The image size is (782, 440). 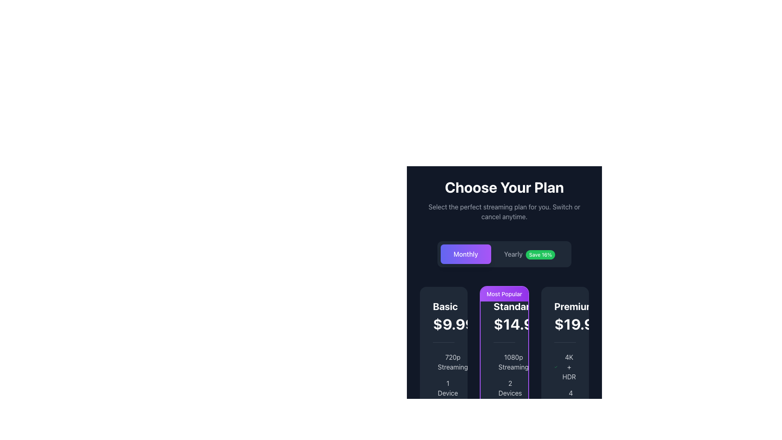 What do you see at coordinates (504, 211) in the screenshot?
I see `the explanatory text about the flexibility of the plan selection process, located directly below the heading 'Choose Your Plan'` at bounding box center [504, 211].